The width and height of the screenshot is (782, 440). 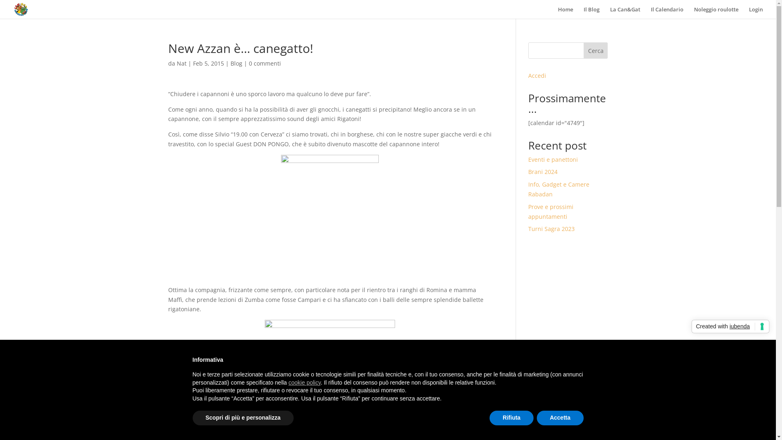 I want to click on 'Brani 2024', so click(x=543, y=171).